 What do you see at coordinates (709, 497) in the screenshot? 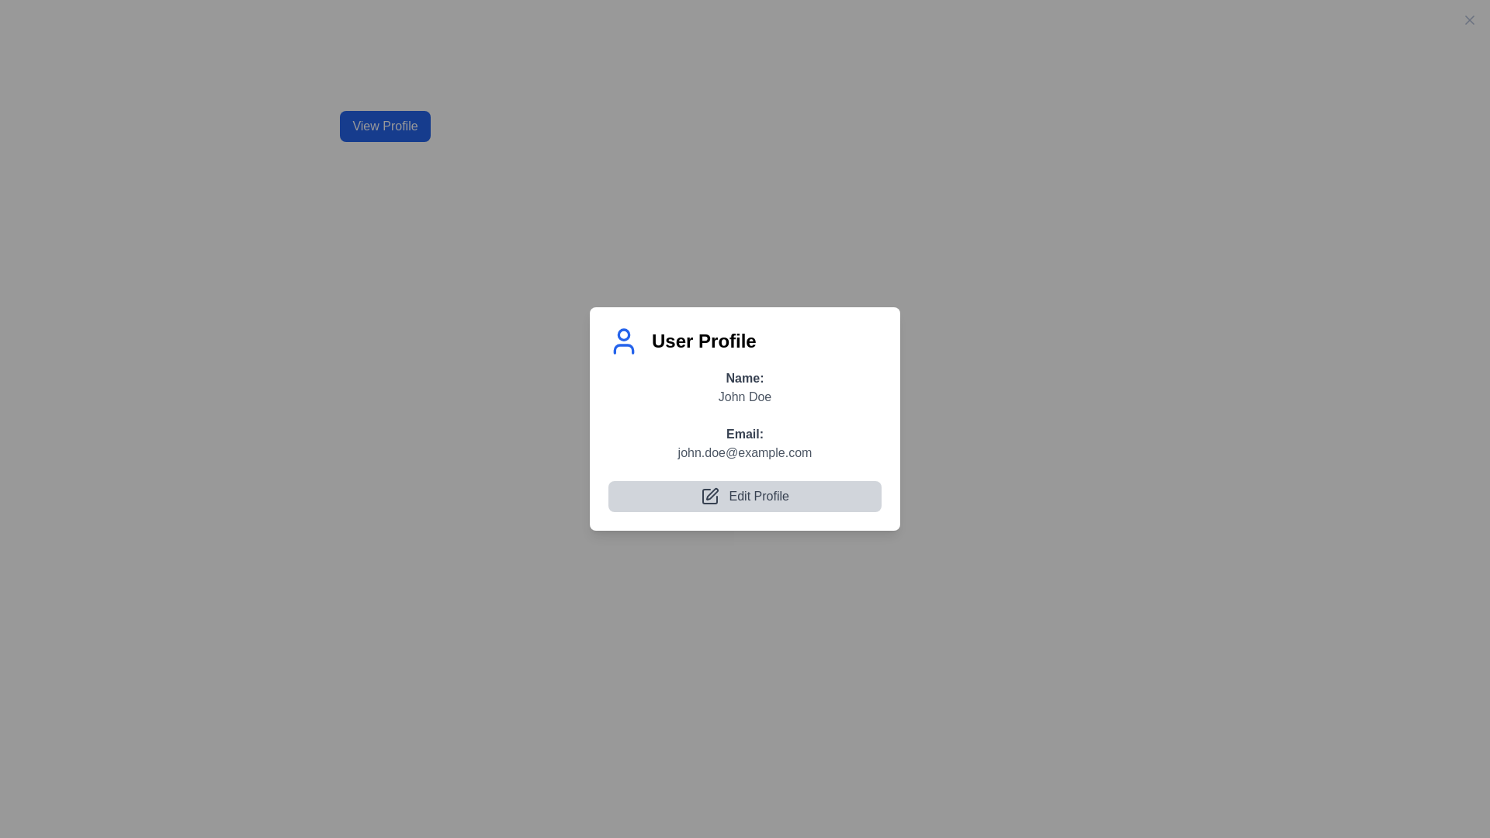
I see `the icon associated with the 'Edit Profile' button, which is located on the left side of the button at the bottom of the user profile card` at bounding box center [709, 497].